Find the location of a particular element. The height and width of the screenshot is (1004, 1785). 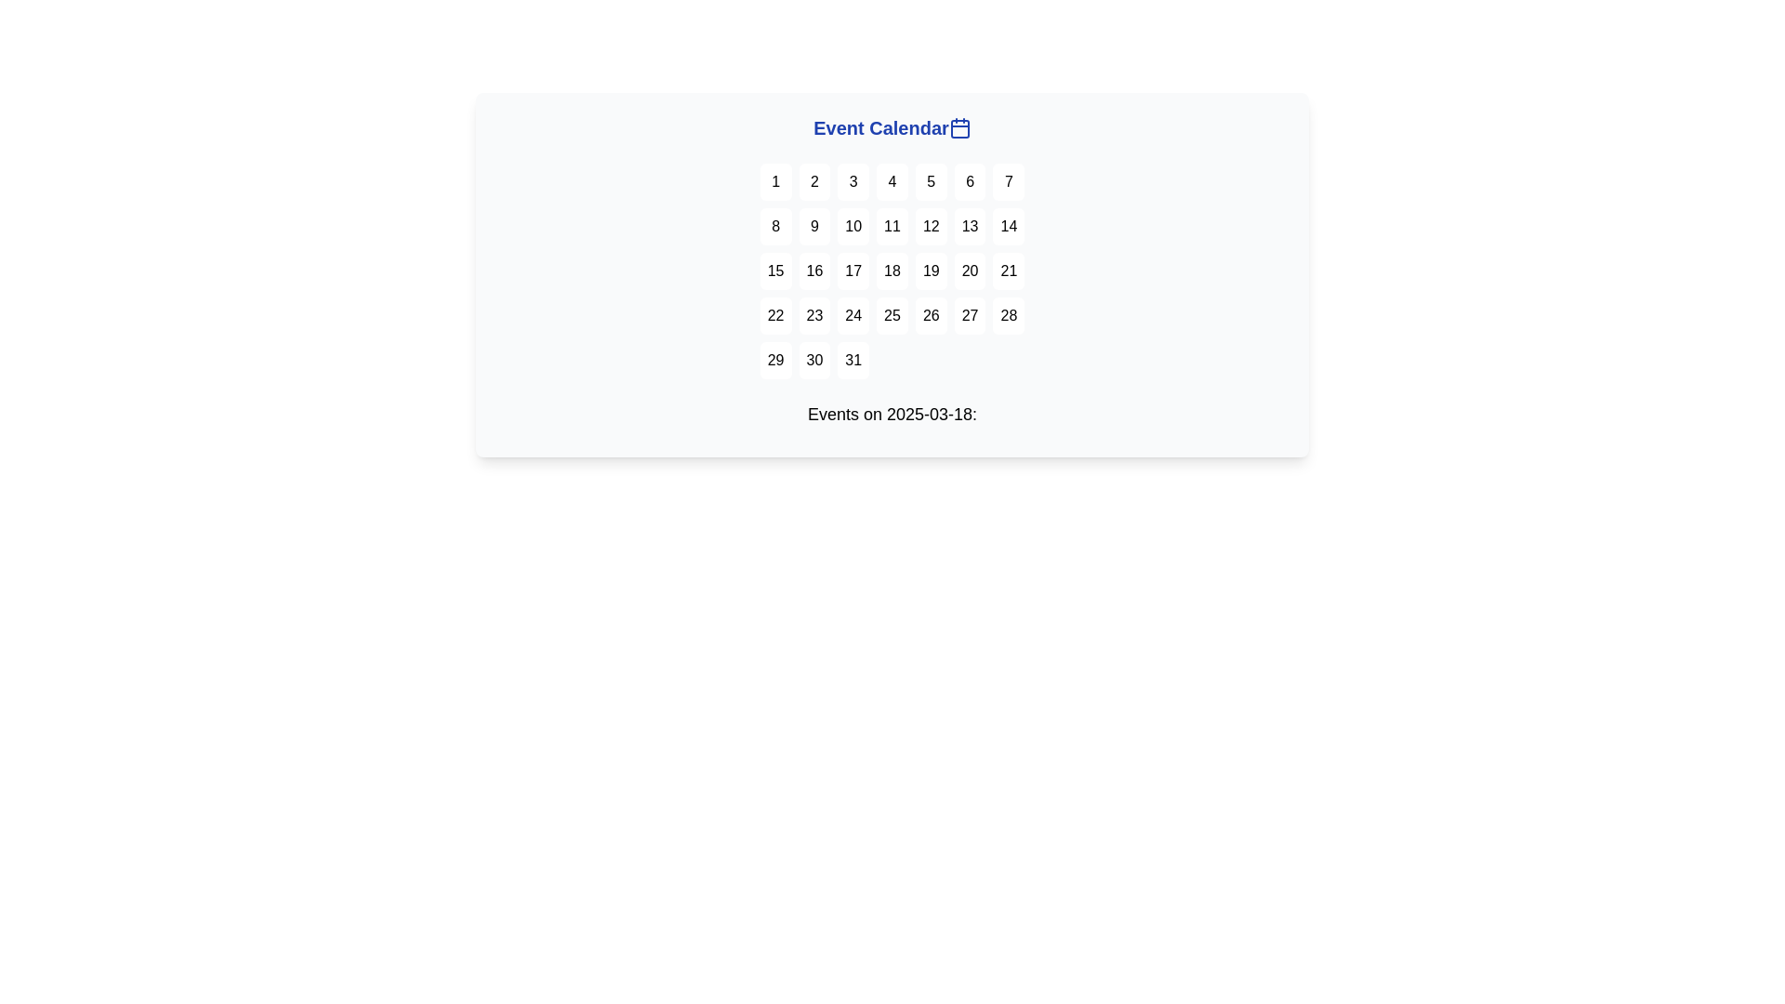

the square-shaped button with a white background and bold black text '13' is located at coordinates (969, 225).